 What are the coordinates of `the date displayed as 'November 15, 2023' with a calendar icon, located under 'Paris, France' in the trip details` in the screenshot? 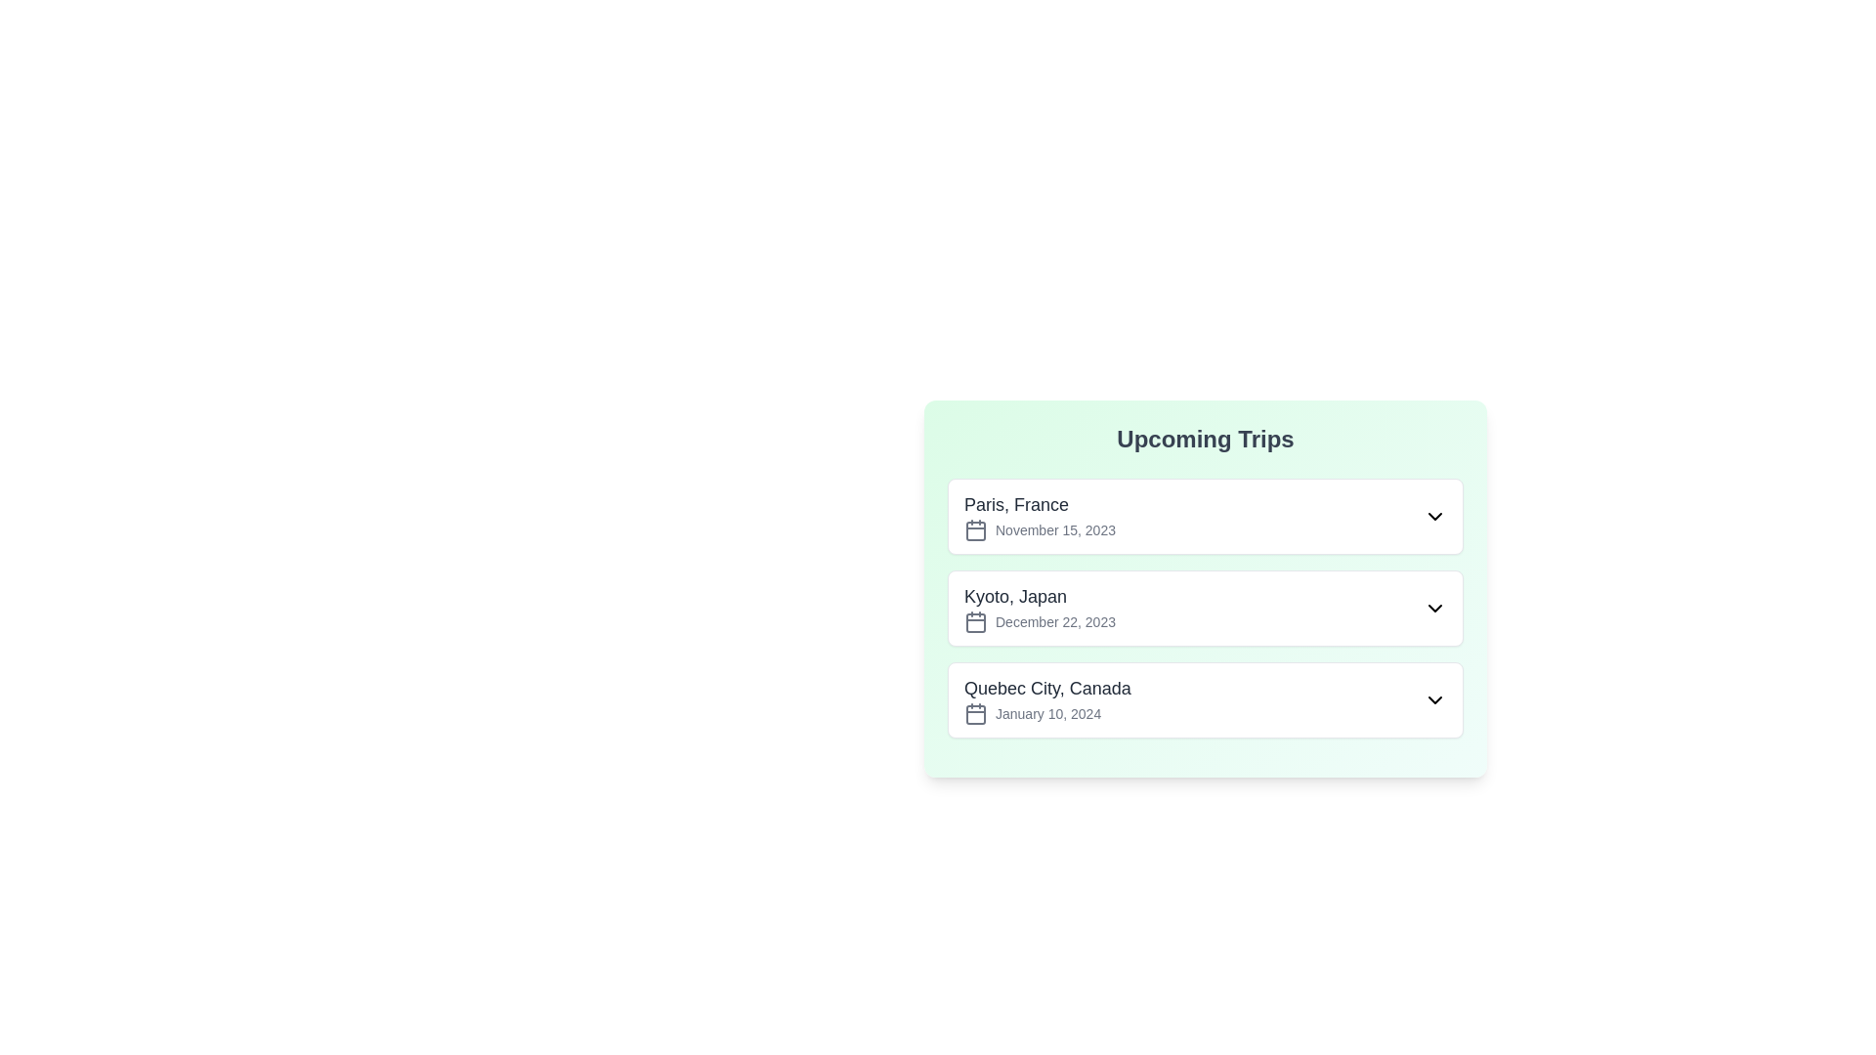 It's located at (1039, 530).